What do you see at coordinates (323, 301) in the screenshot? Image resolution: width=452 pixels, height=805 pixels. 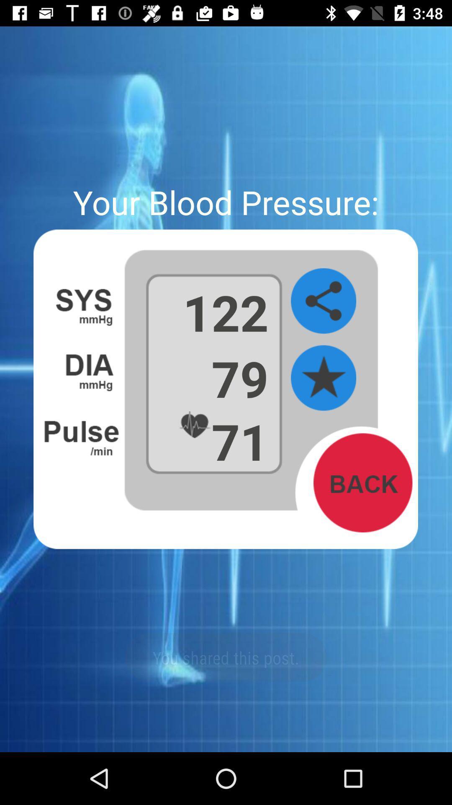 I see `share blood pressure information` at bounding box center [323, 301].